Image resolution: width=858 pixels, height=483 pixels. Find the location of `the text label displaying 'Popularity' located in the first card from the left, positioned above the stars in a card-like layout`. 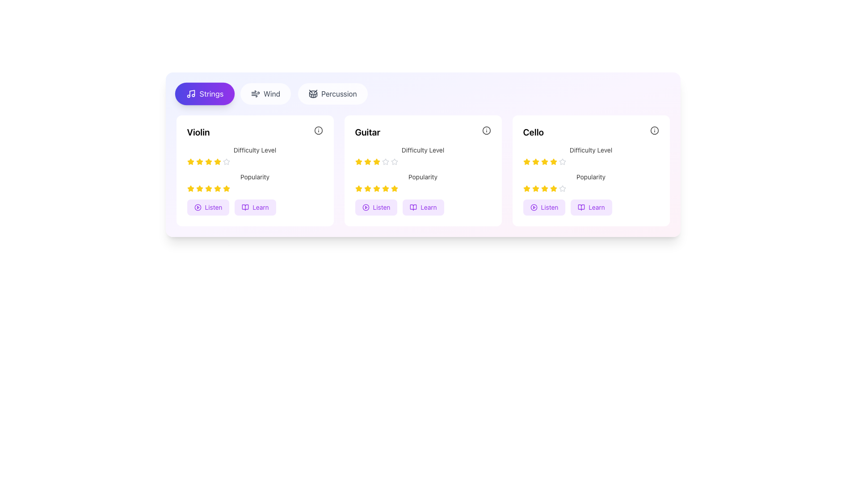

the text label displaying 'Popularity' located in the first card from the left, positioned above the stars in a card-like layout is located at coordinates (254, 177).